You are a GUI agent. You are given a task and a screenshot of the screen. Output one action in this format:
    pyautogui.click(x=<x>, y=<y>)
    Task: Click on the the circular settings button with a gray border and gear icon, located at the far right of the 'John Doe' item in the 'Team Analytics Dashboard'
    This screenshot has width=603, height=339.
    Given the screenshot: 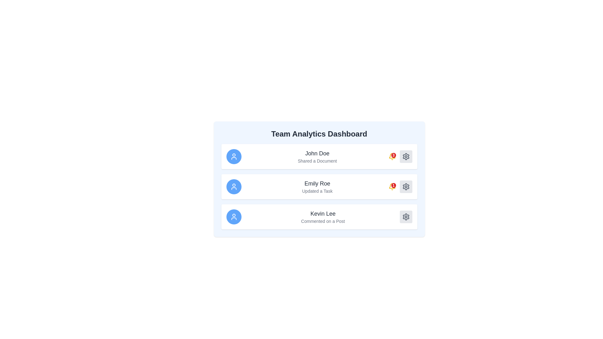 What is the action you would take?
    pyautogui.click(x=406, y=156)
    